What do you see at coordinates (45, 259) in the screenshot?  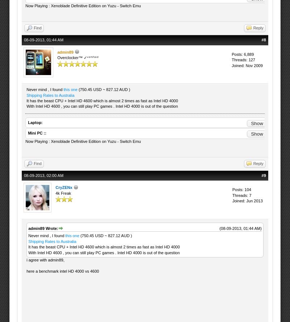 I see `'i agree with admin89,'` at bounding box center [45, 259].